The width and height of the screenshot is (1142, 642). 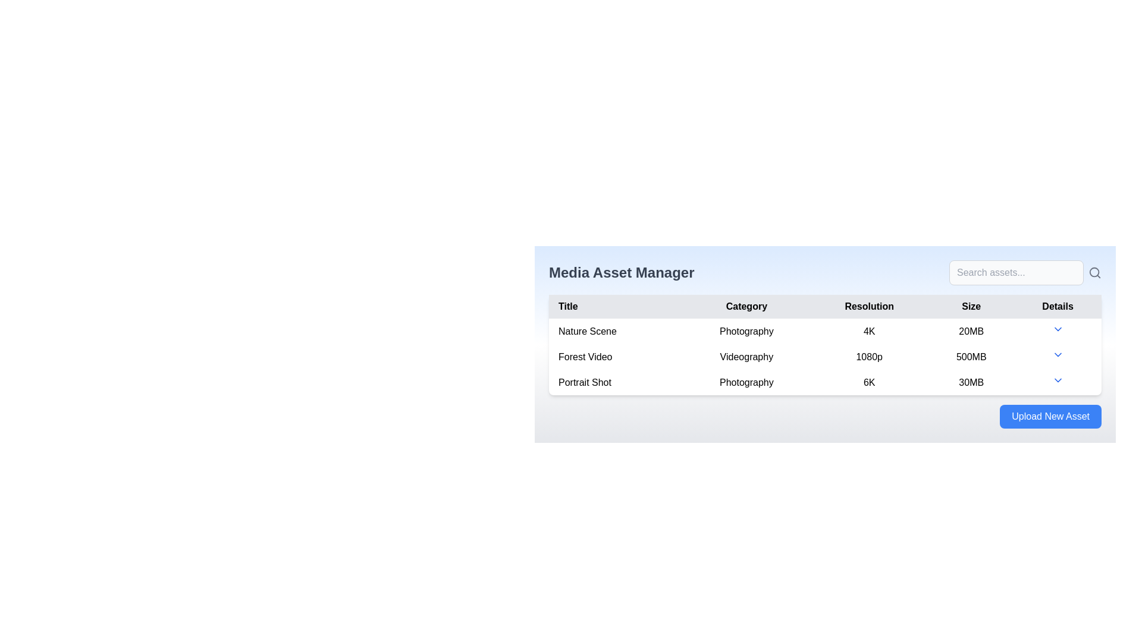 I want to click on the 'Category' text label header, which is a bold black font on a light gray background, positioned in the second column of the header row of the table, so click(x=746, y=306).